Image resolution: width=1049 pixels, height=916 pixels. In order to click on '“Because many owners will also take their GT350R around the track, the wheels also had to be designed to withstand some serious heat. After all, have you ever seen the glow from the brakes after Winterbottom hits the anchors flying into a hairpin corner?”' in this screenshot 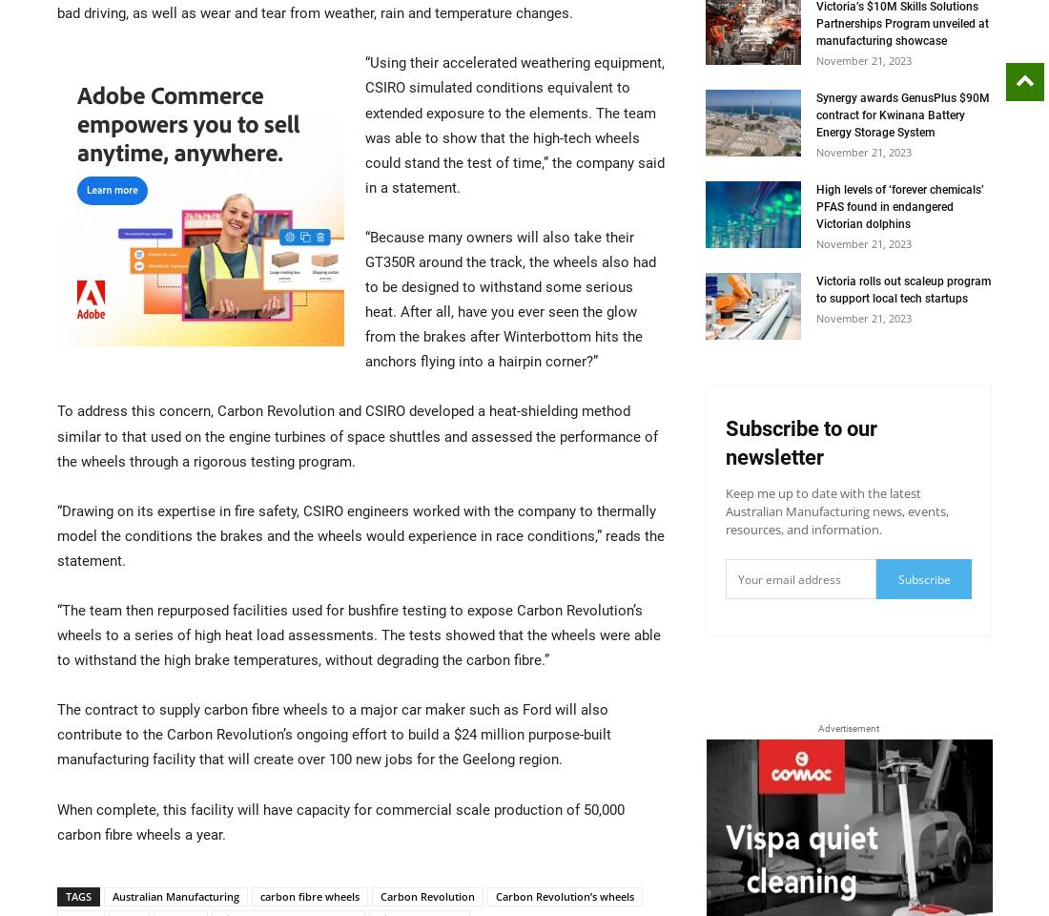, I will do `click(510, 299)`.